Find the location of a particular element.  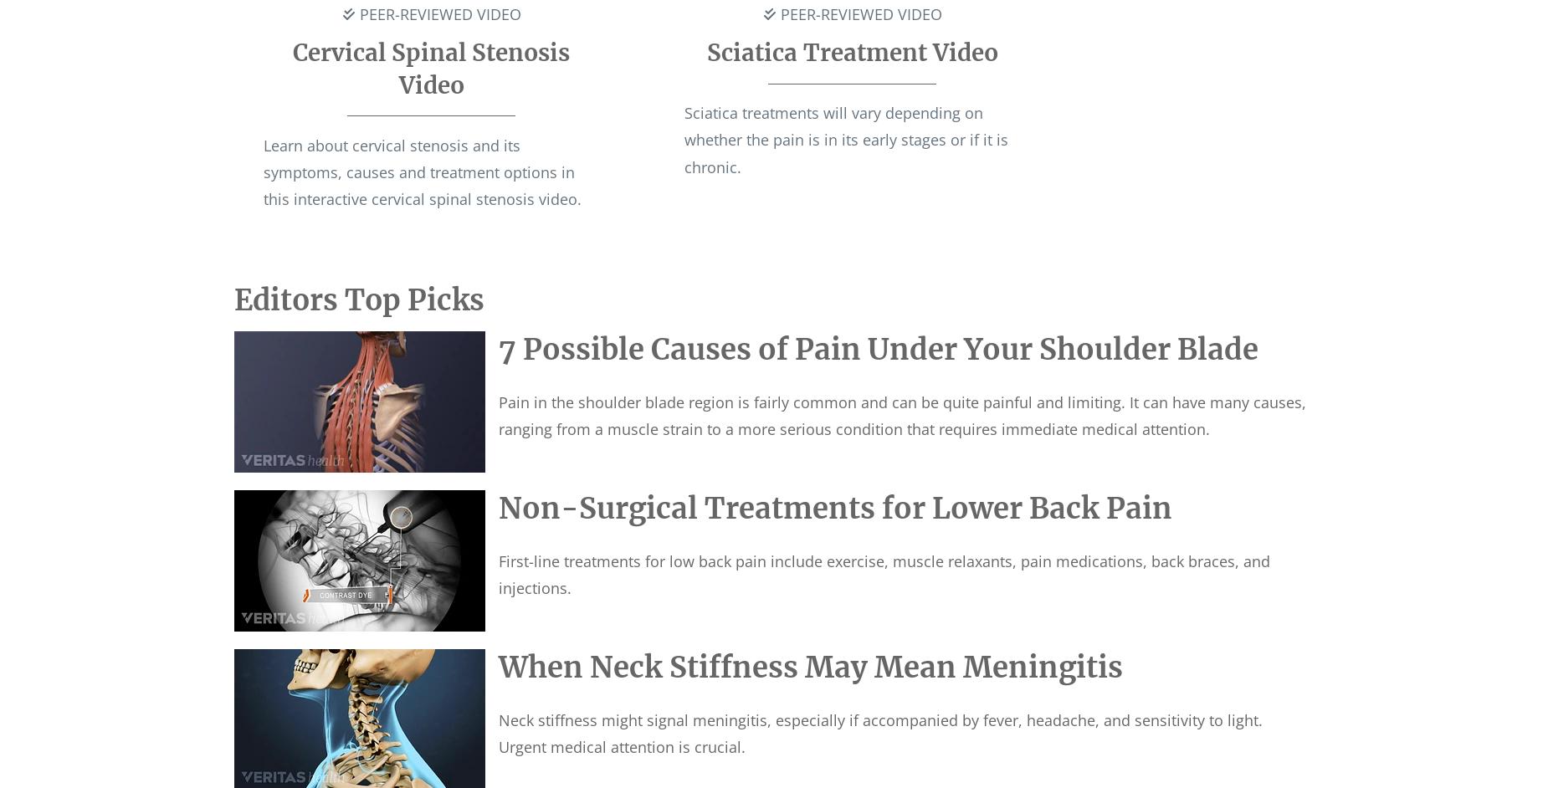

'7 Possible Causes of Pain Under Your Shoulder Blade' is located at coordinates (878, 348).